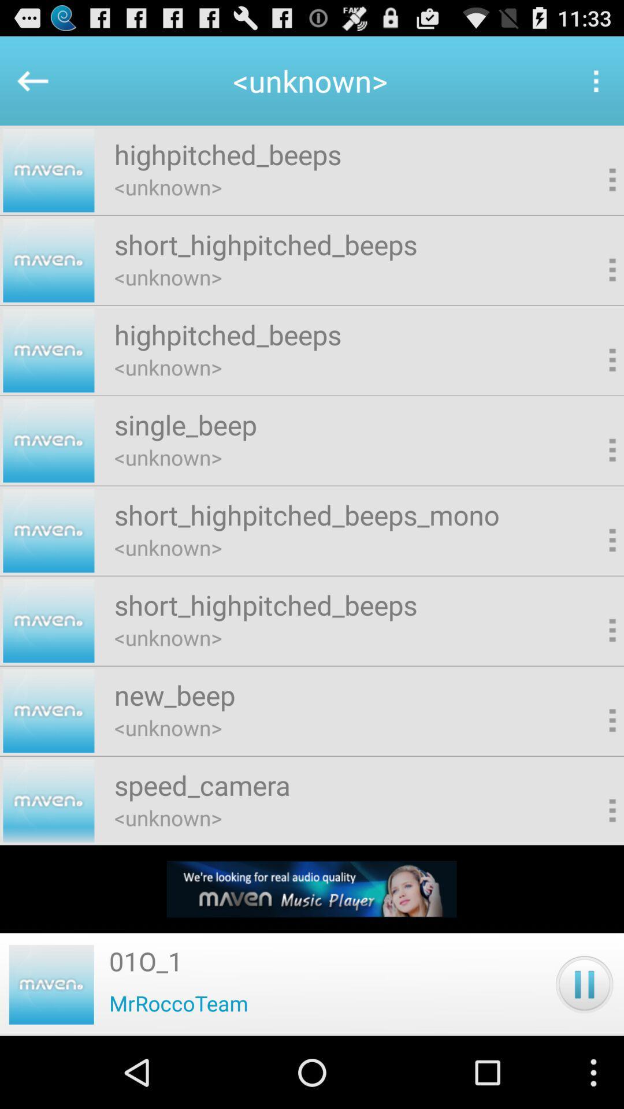 The image size is (624, 1109). What do you see at coordinates (593, 386) in the screenshot?
I see `the more icon` at bounding box center [593, 386].